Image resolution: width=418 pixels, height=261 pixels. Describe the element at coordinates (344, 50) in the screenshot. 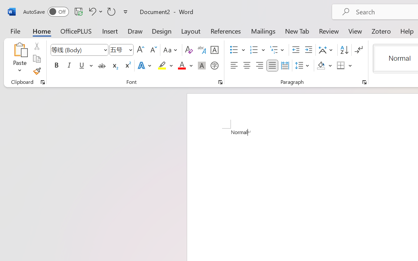

I see `'Sort...'` at that location.